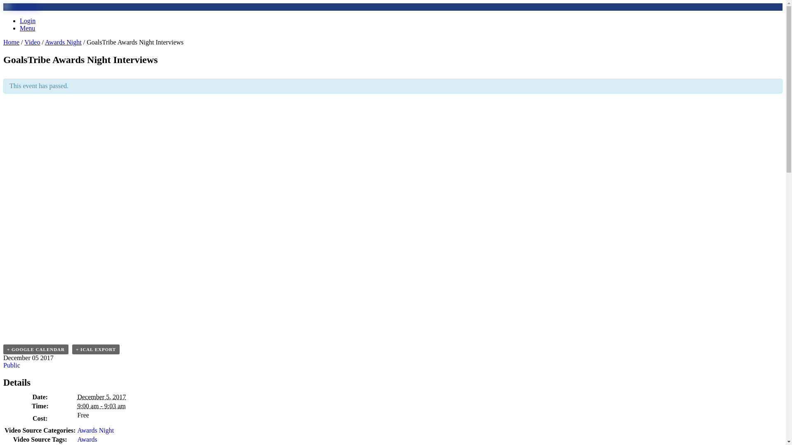  I want to click on 'GoalsTribe Awards Night Interviews', so click(201, 217).